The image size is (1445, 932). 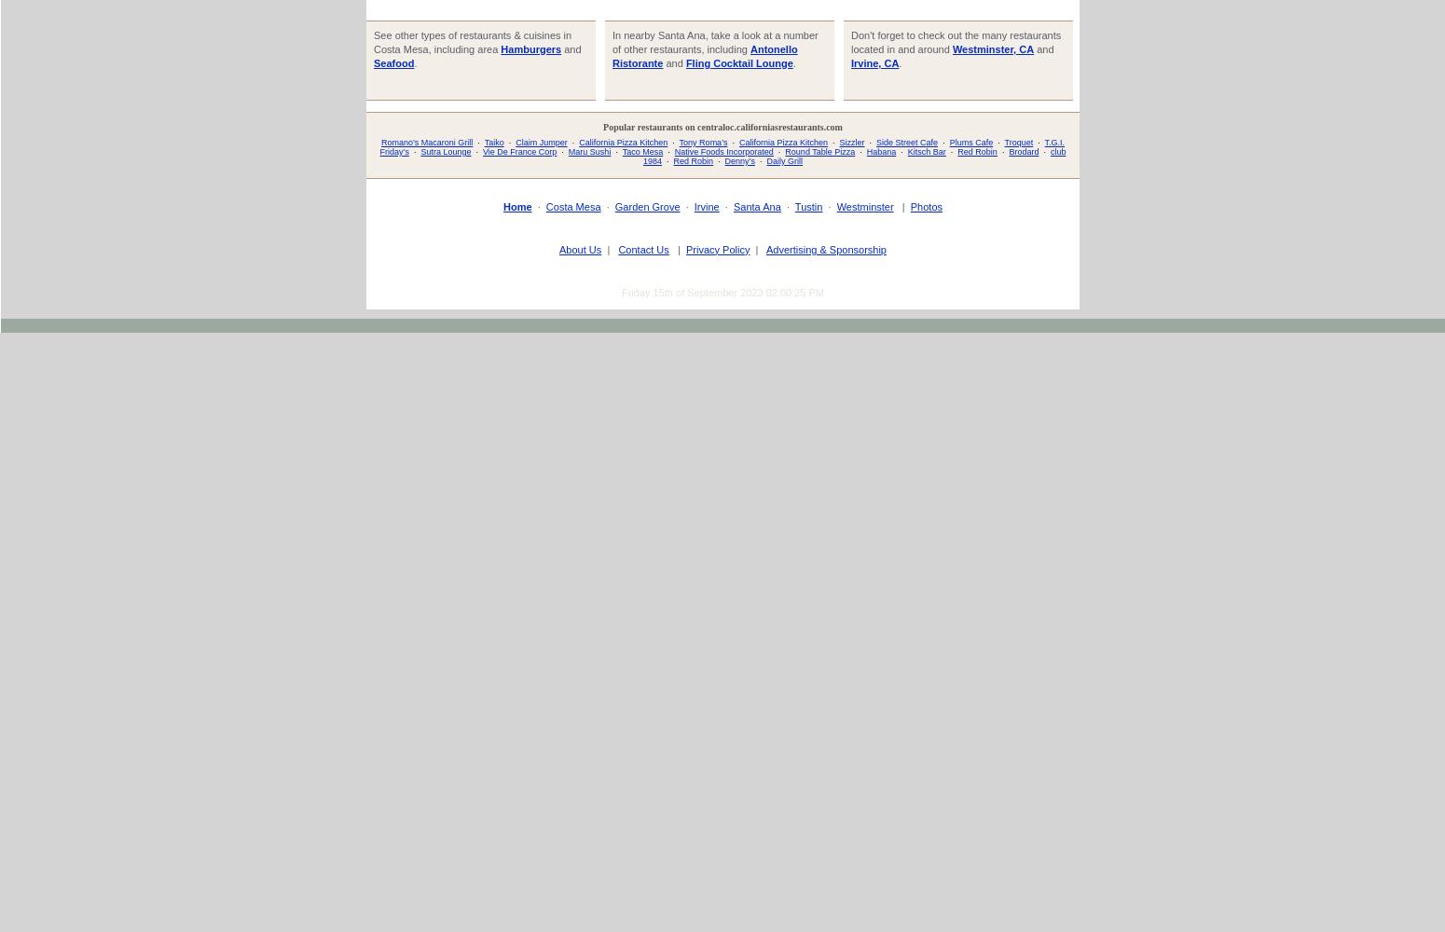 What do you see at coordinates (874, 62) in the screenshot?
I see `'Irvine, CA'` at bounding box center [874, 62].